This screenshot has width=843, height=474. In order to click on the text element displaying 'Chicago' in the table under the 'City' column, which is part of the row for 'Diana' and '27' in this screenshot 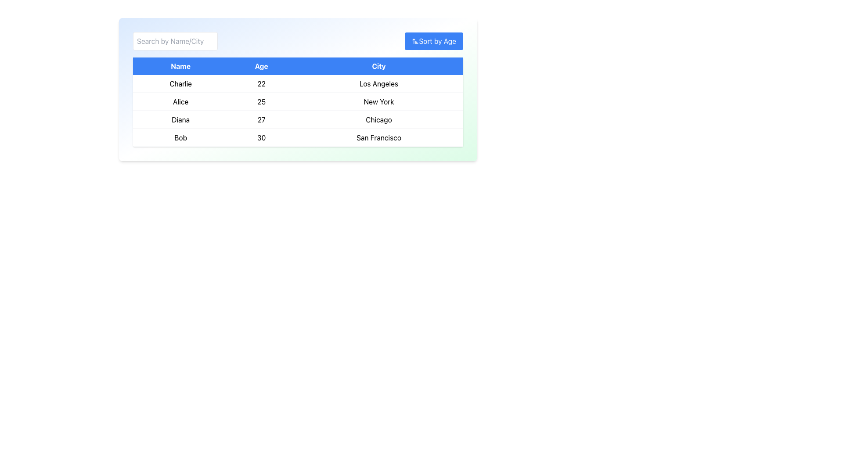, I will do `click(379, 120)`.